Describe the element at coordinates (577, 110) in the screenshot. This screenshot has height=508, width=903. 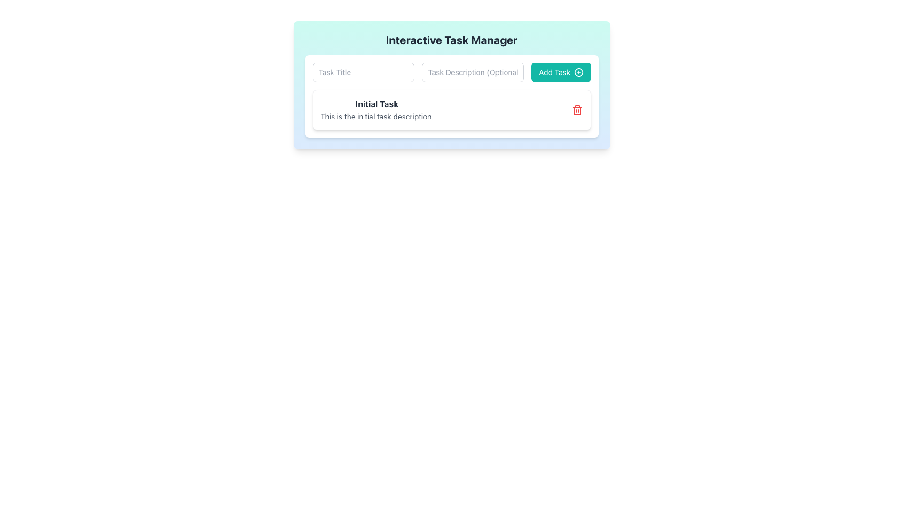
I see `the delete icon button located at the far right endpoint of the task card titled 'Initial Task', which is aligned vertically with the task information` at that location.